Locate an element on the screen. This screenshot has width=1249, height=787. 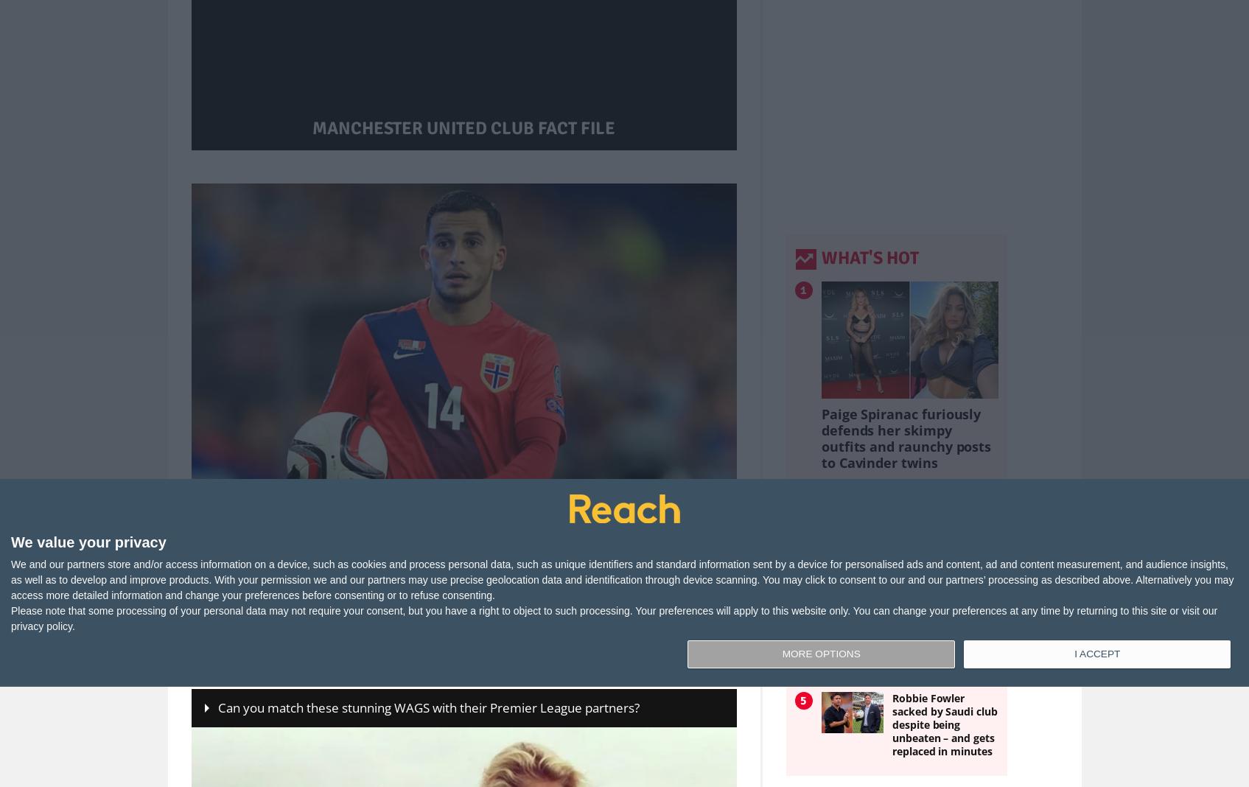
'Can you match these stunning WAGS with their Premier League partners?' is located at coordinates (428, 707).